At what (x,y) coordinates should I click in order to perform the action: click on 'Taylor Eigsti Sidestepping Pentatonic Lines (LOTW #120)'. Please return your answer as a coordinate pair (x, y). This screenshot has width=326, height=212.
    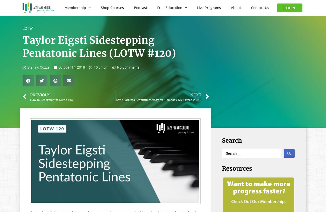
    Looking at the image, I should click on (99, 47).